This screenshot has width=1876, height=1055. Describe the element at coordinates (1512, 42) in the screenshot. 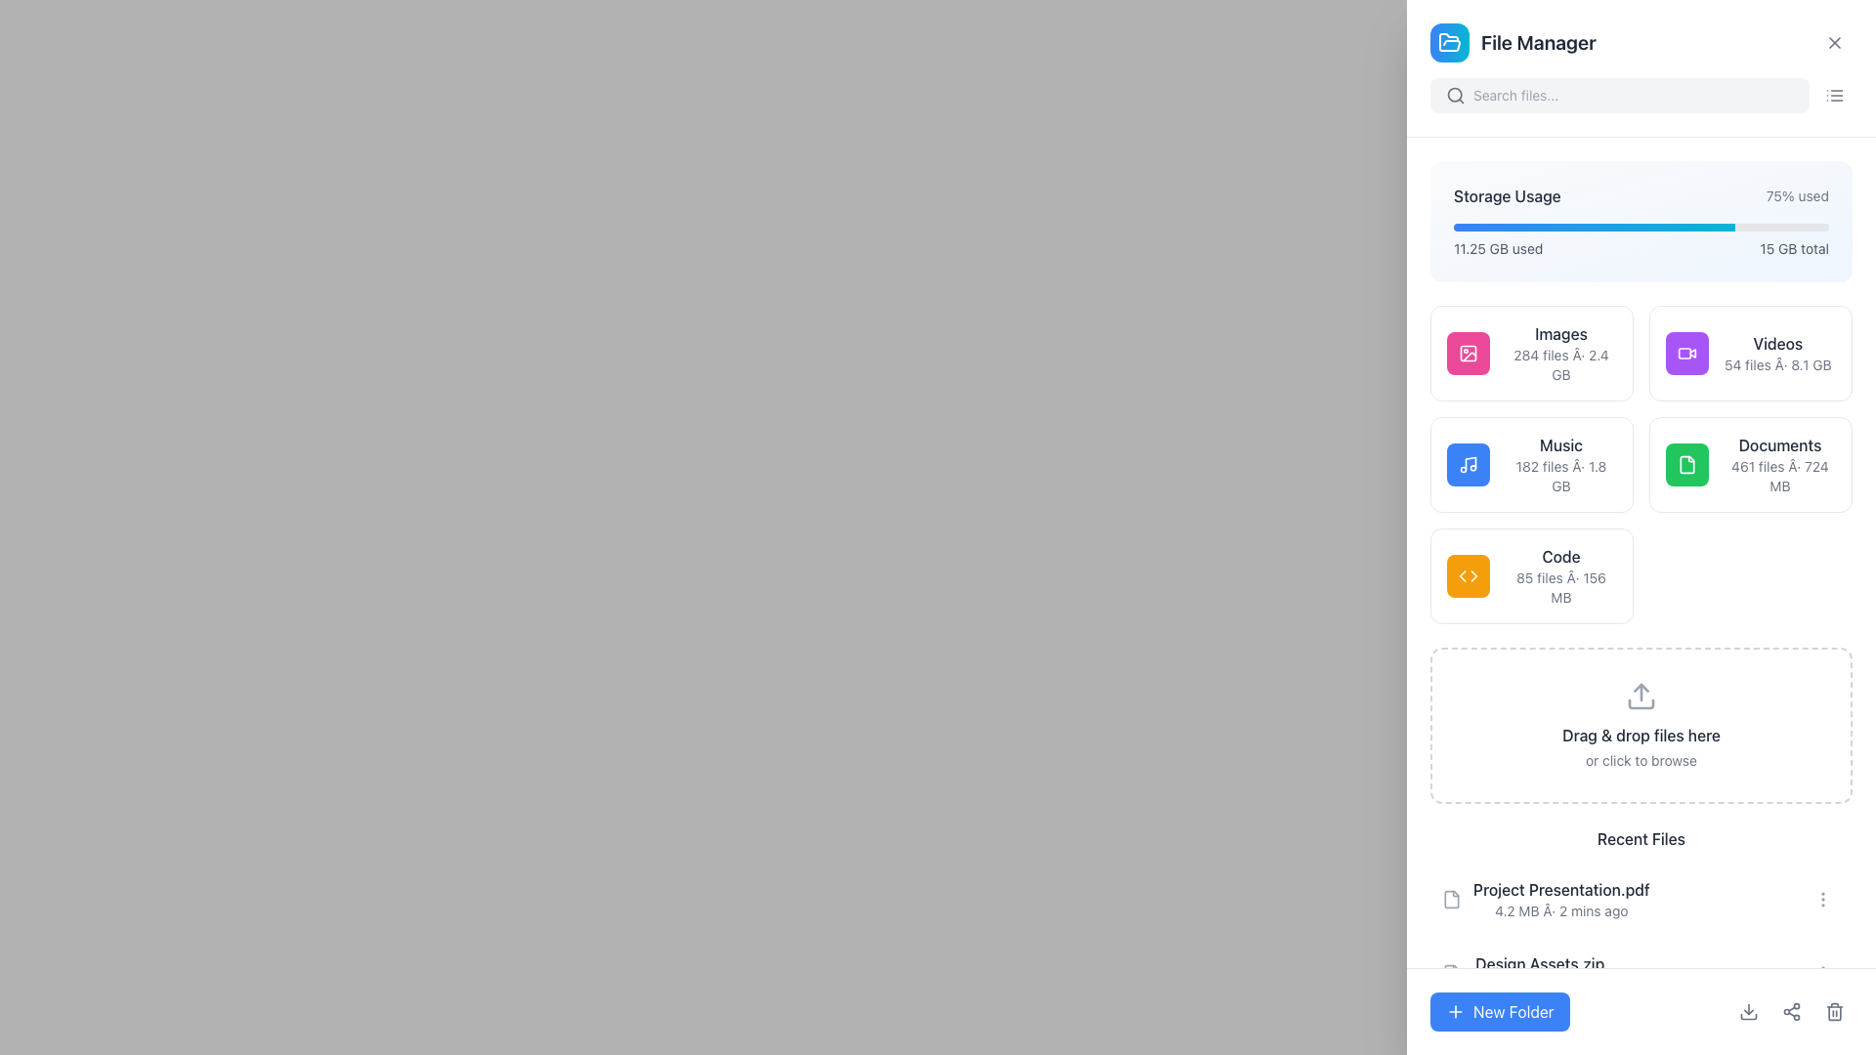

I see `the Text Label that serves as a header or title, located in the top-left corner of the section, directly to the right of the folder icon` at that location.